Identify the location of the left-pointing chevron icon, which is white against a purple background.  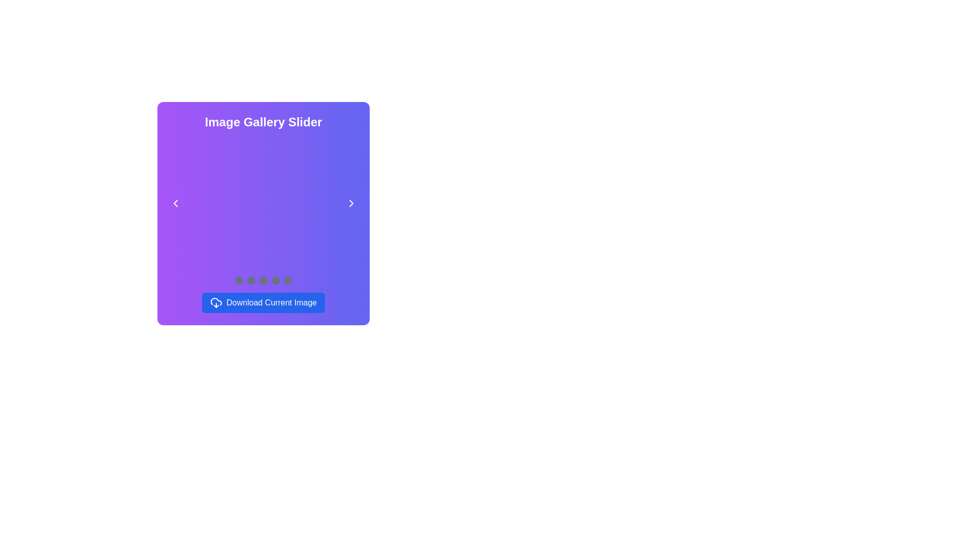
(175, 203).